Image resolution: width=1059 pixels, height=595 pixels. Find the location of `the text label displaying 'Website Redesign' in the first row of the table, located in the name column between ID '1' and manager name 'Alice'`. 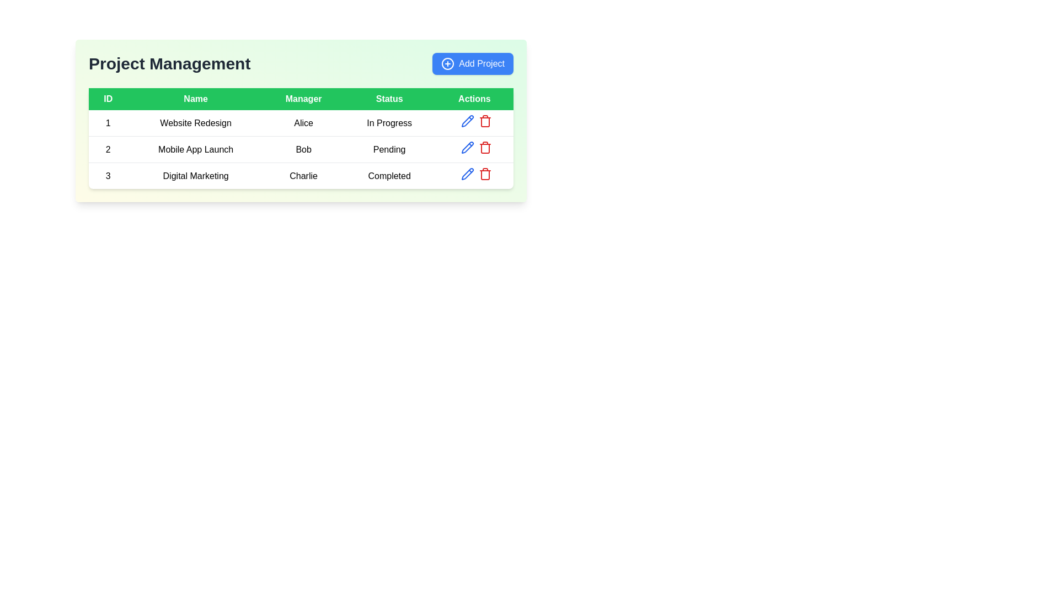

the text label displaying 'Website Redesign' in the first row of the table, located in the name column between ID '1' and manager name 'Alice' is located at coordinates (196, 123).